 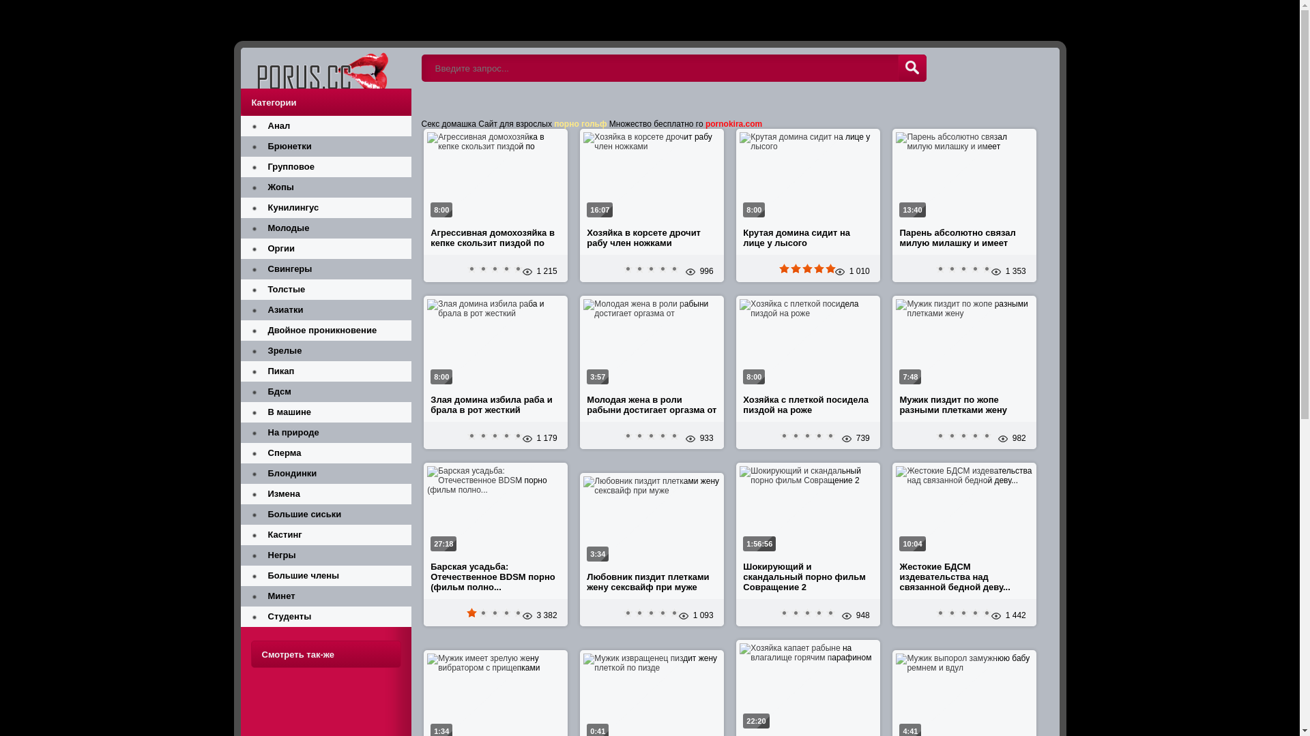 I want to click on 'pornokira.com', so click(x=733, y=123).